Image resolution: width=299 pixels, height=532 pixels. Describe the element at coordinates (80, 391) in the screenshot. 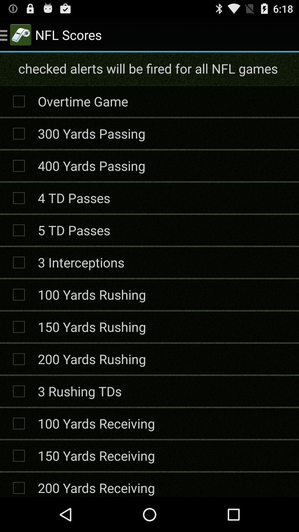

I see `the item below 200 yards rushing` at that location.